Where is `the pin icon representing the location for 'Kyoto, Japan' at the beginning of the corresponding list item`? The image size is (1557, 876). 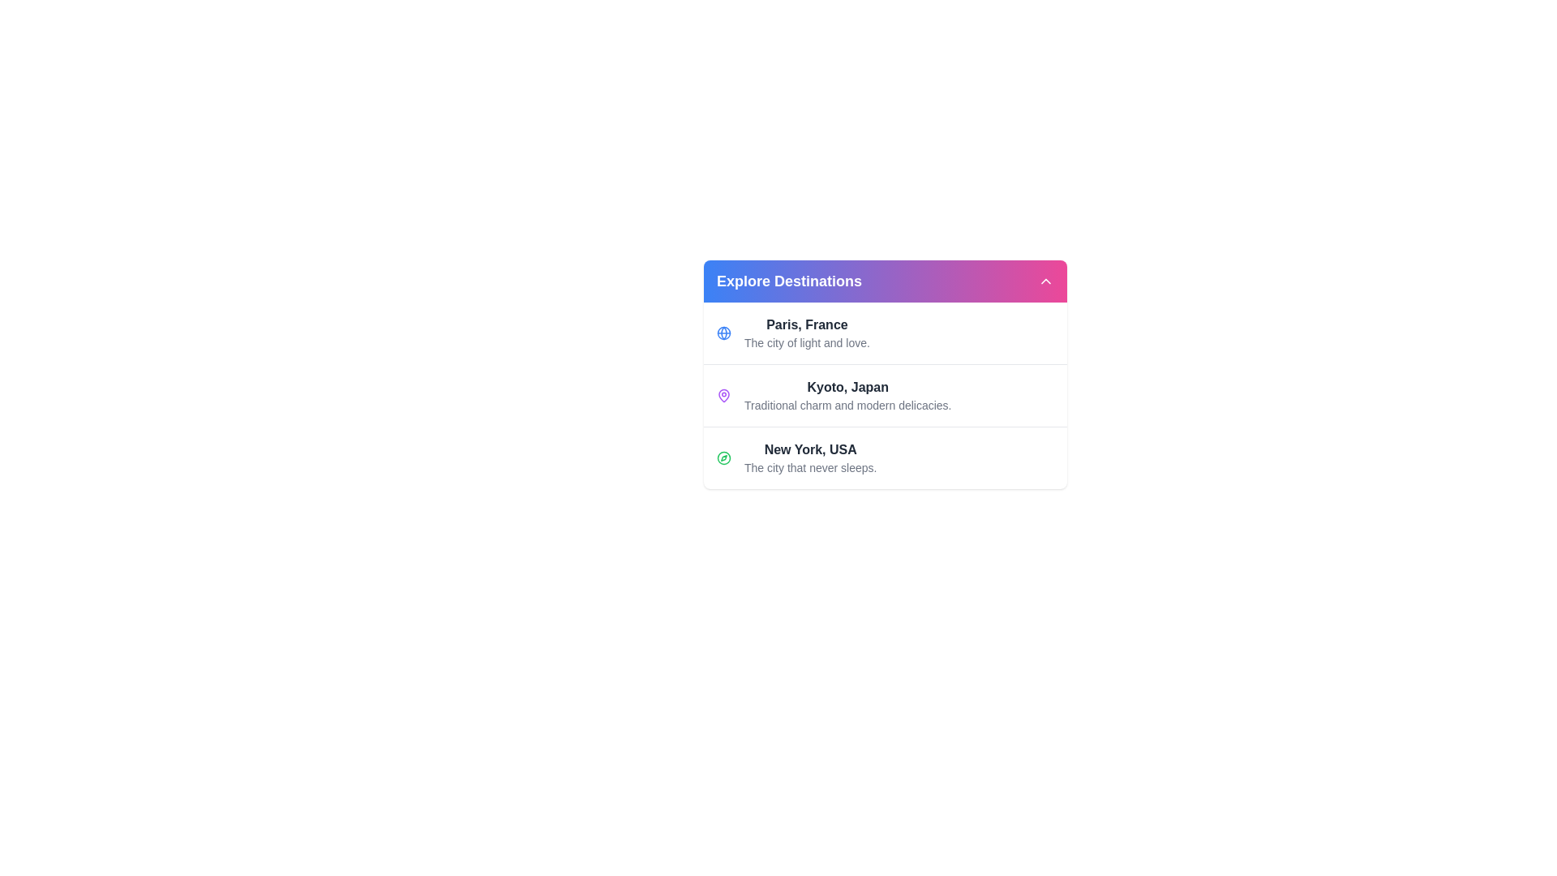
the pin icon representing the location for 'Kyoto, Japan' at the beginning of the corresponding list item is located at coordinates (723, 396).